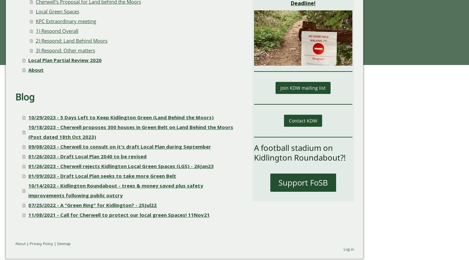 The width and height of the screenshot is (469, 260). I want to click on '01/26/2023 - Draft Local Plan 2040 to be revised', so click(87, 156).